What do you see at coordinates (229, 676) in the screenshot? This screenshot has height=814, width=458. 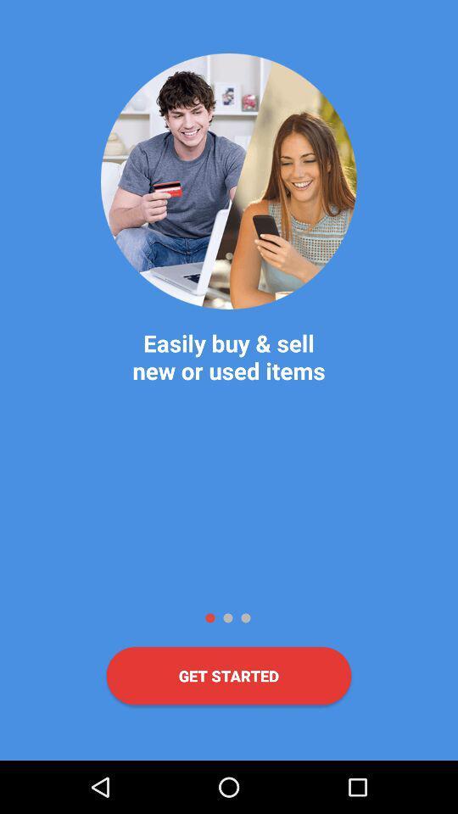 I see `get started item` at bounding box center [229, 676].